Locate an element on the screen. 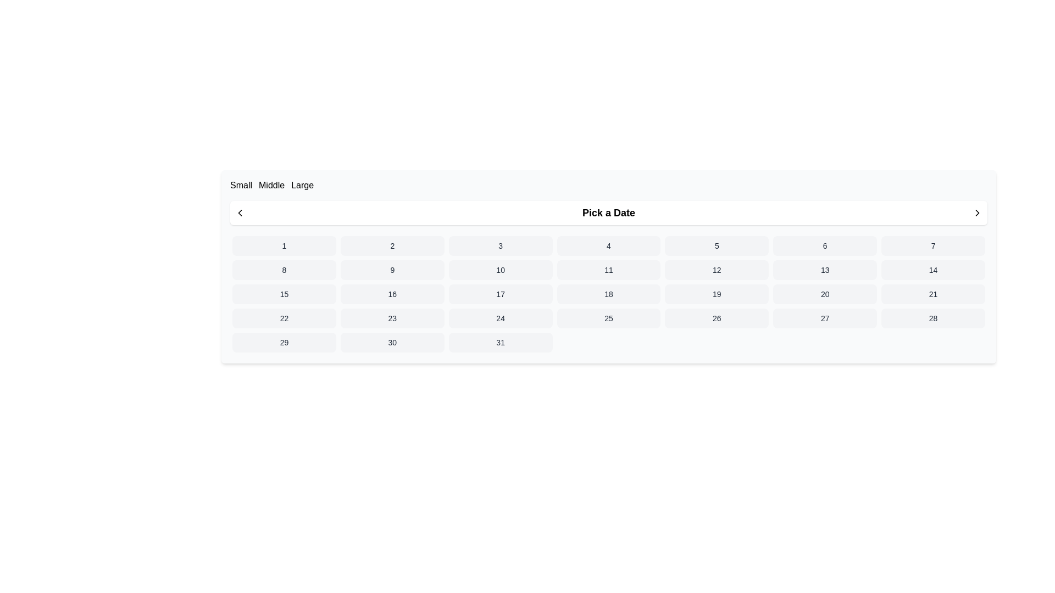 The width and height of the screenshot is (1055, 593). the button labeled '19' in the third row and fifth column of the date selection interface is located at coordinates (717, 294).